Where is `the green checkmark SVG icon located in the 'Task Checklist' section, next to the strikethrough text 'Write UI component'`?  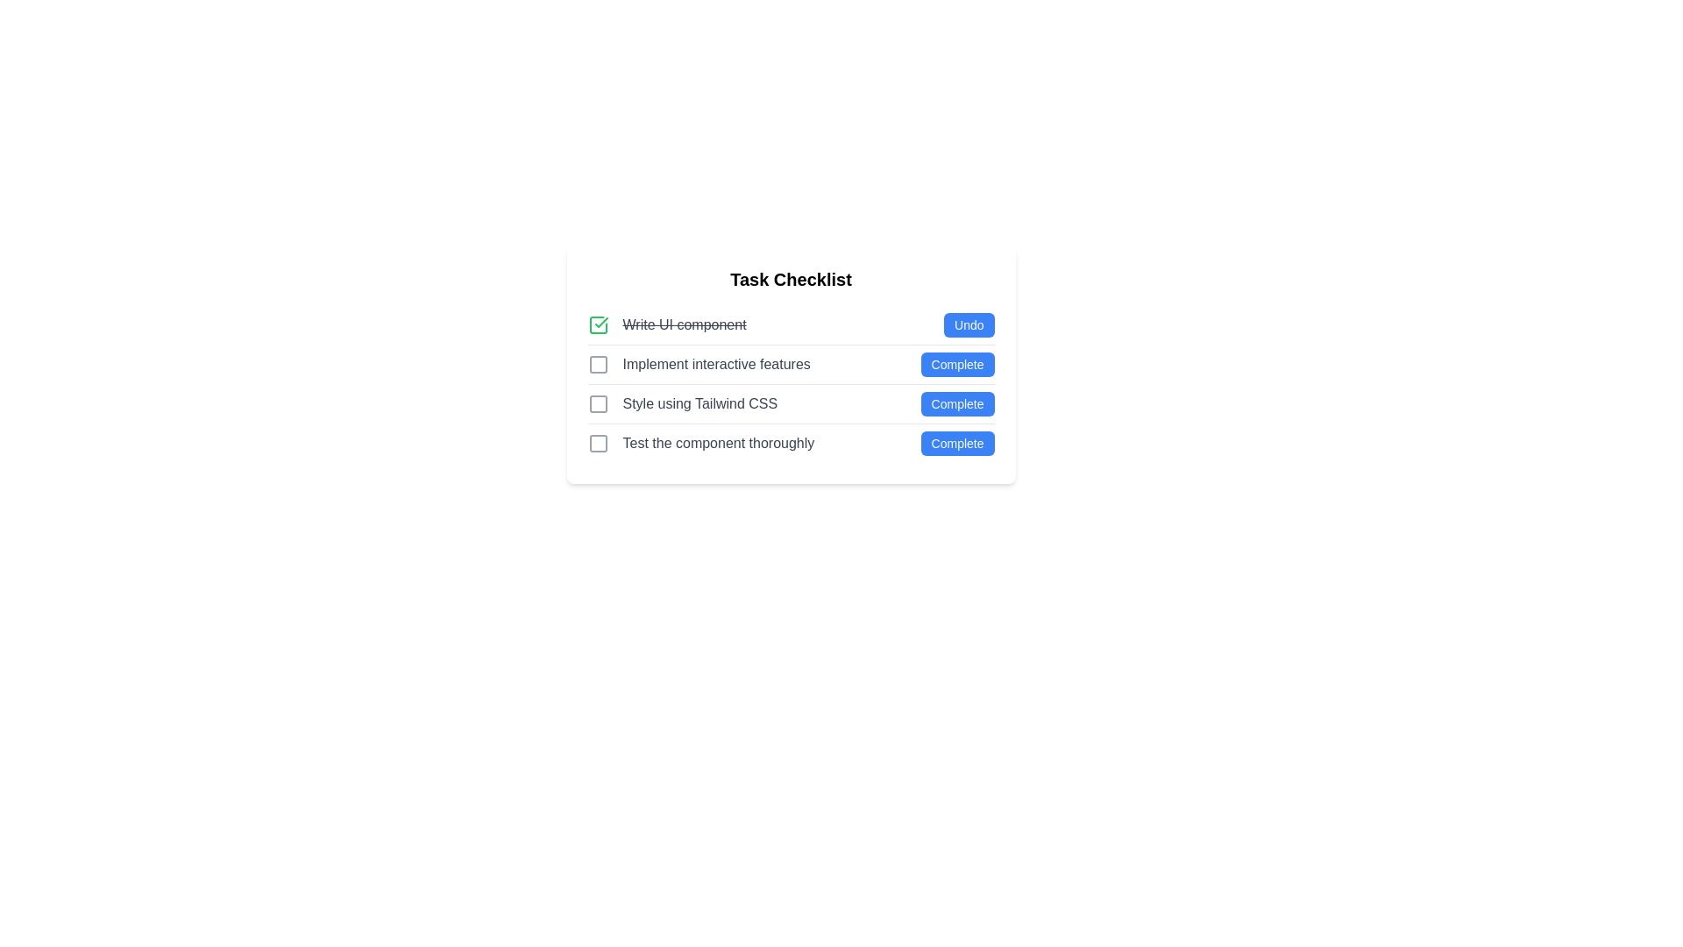
the green checkmark SVG icon located in the 'Task Checklist' section, next to the strikethrough text 'Write UI component' is located at coordinates (601, 322).